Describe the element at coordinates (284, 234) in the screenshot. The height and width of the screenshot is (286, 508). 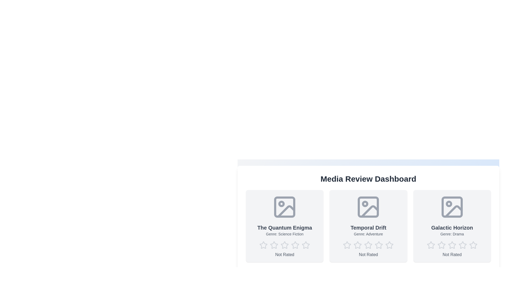
I see `the genre text of the media item 'The Quantum Enigma'` at that location.